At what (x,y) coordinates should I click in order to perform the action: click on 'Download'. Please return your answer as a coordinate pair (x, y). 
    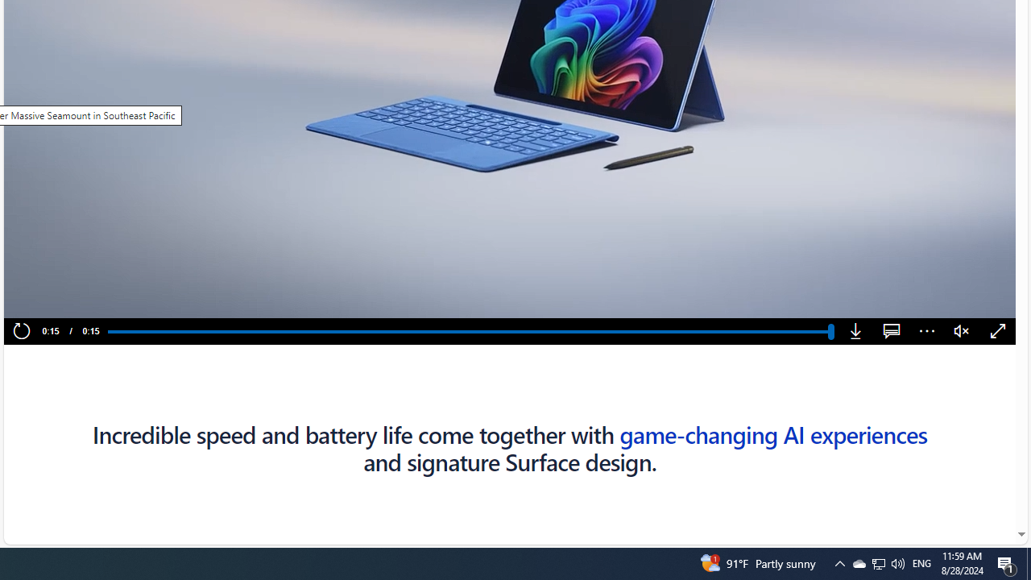
    Looking at the image, I should click on (855, 331).